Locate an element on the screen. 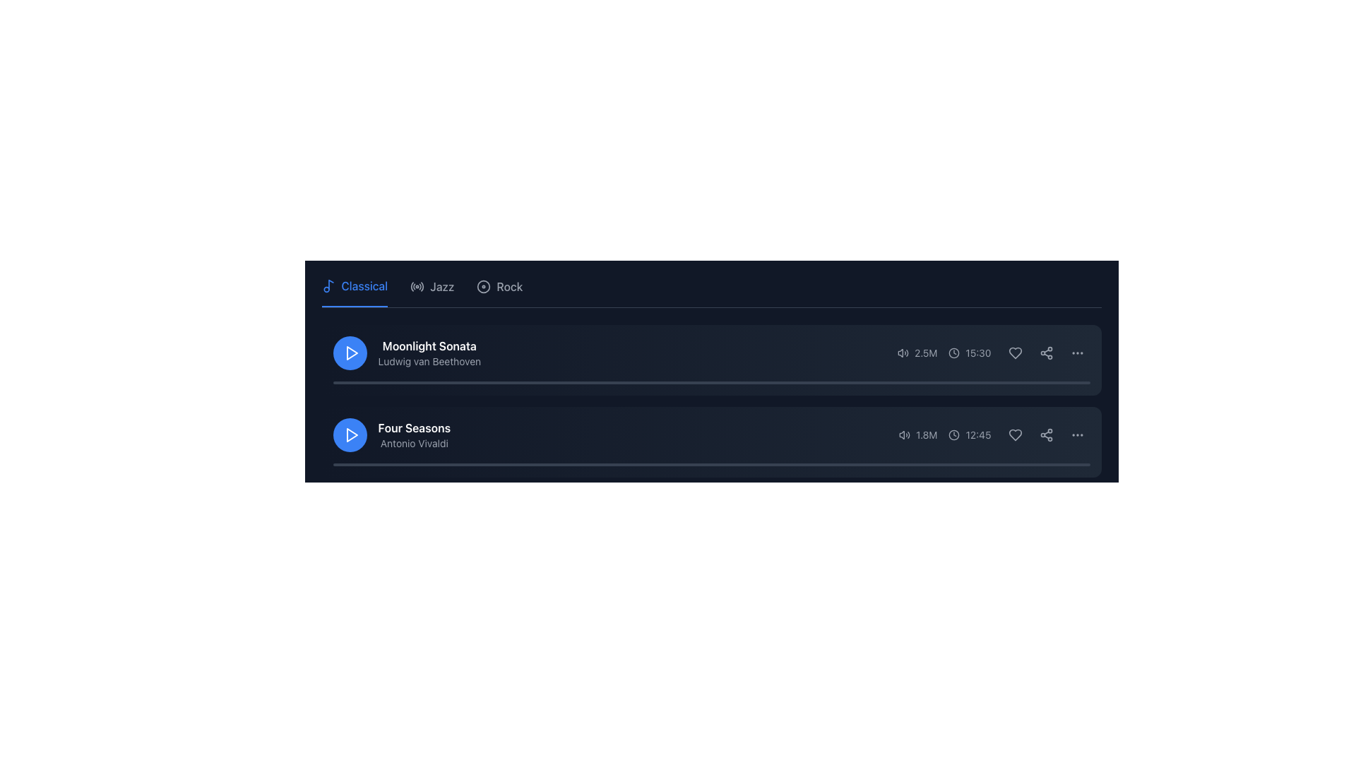 The height and width of the screenshot is (763, 1356). the first 'like' button with a heart-shaped icon for the song 'Four Seasons' by Antonio Vivaldi is located at coordinates (1014, 434).